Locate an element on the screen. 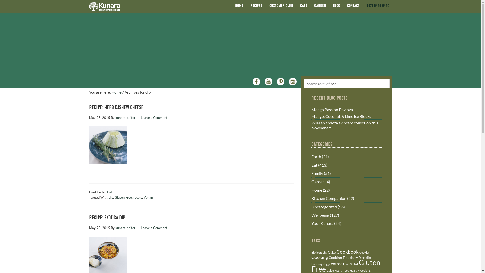  'Guide' is located at coordinates (326, 270).